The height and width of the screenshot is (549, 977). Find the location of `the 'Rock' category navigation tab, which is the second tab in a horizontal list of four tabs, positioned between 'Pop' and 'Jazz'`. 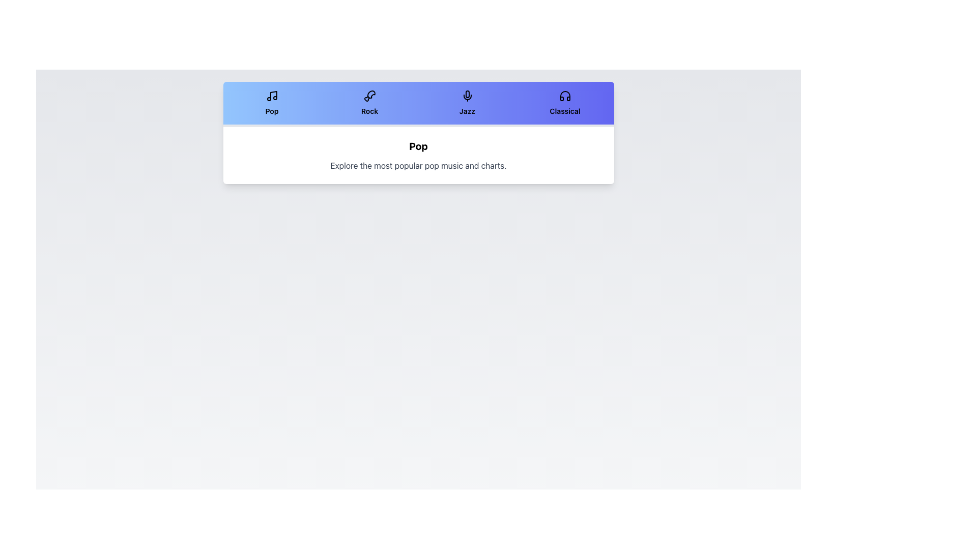

the 'Rock' category navigation tab, which is the second tab in a horizontal list of four tabs, positioned between 'Pop' and 'Jazz' is located at coordinates (369, 104).